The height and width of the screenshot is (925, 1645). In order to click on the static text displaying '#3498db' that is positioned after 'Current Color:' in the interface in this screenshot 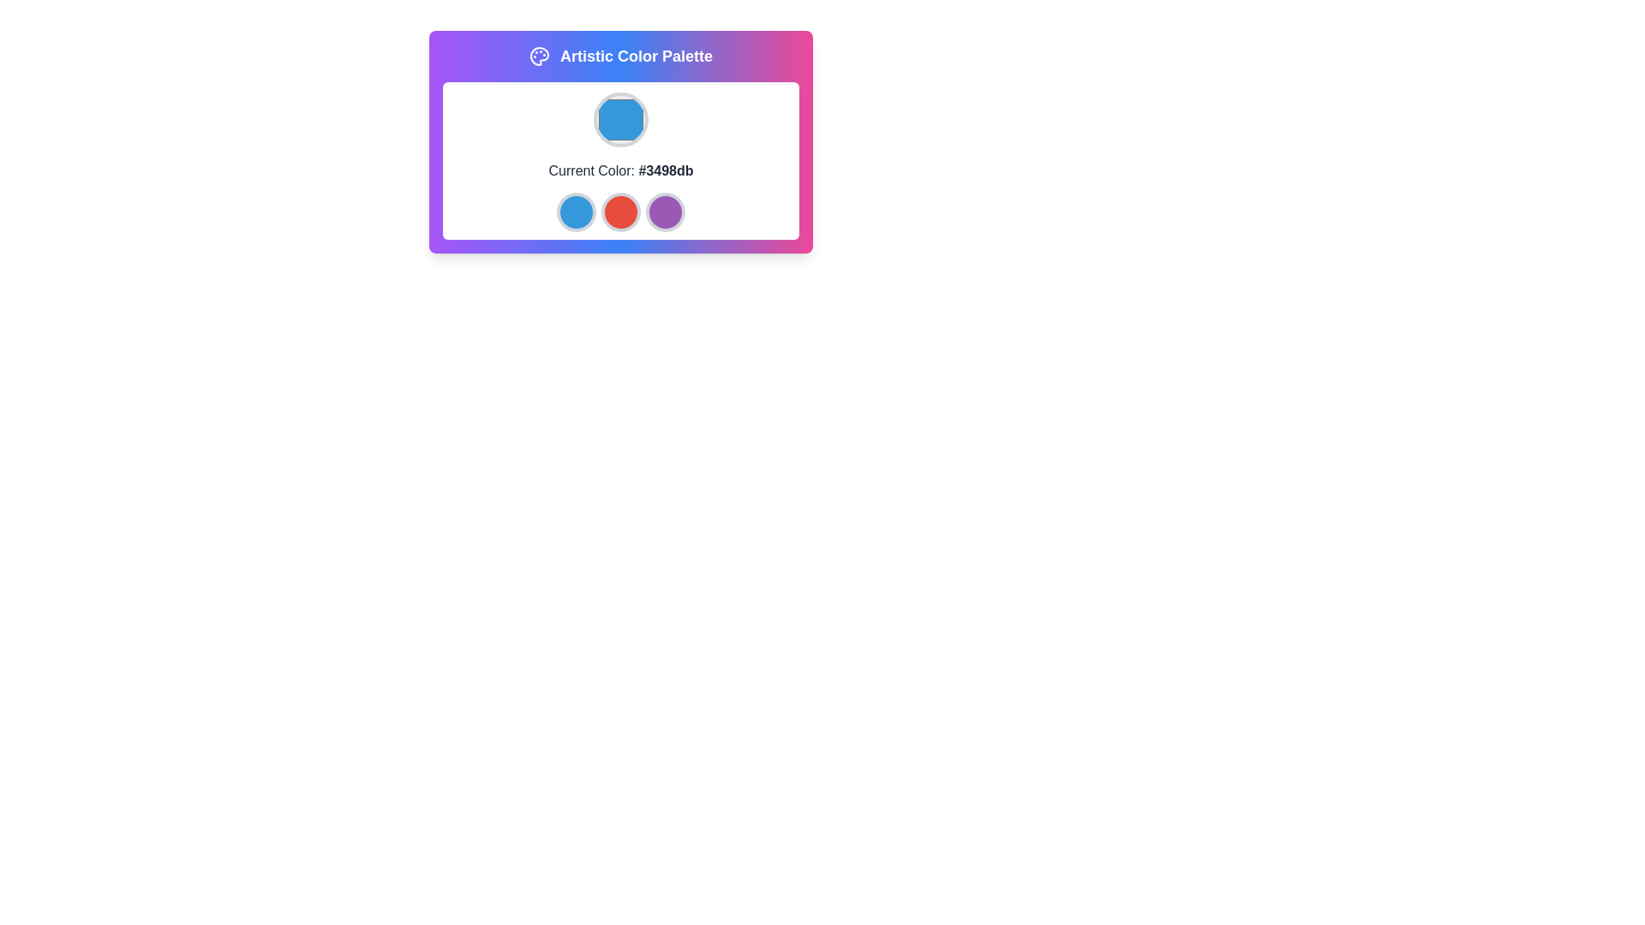, I will do `click(665, 170)`.